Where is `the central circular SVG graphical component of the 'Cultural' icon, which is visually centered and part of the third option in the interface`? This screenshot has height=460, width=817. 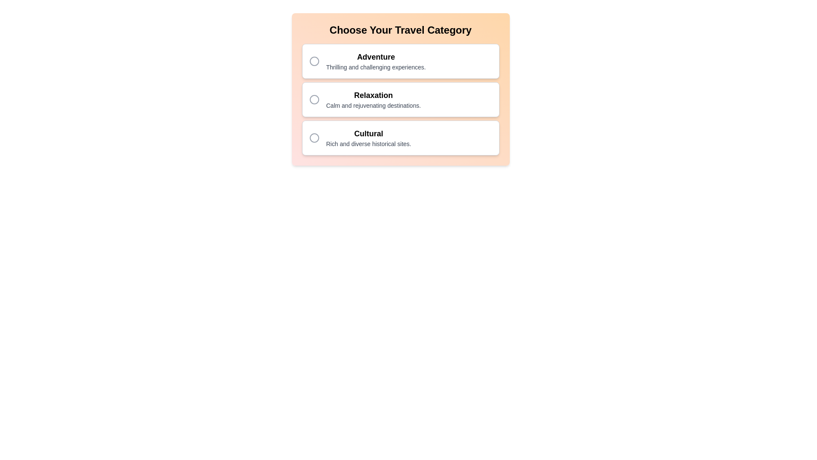 the central circular SVG graphical component of the 'Cultural' icon, which is visually centered and part of the third option in the interface is located at coordinates (314, 138).